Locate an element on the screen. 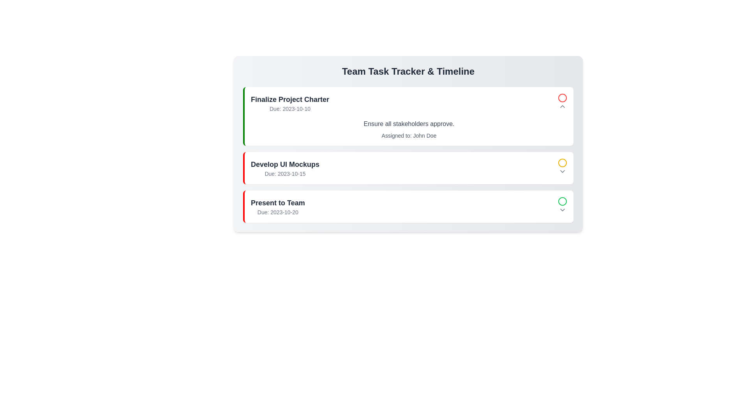  the text line containing the phrase 'Ensure all stakeholders approve.' which is styled in gray and located within the first task card under the heading 'Finalize Project Charter' is located at coordinates (409, 124).